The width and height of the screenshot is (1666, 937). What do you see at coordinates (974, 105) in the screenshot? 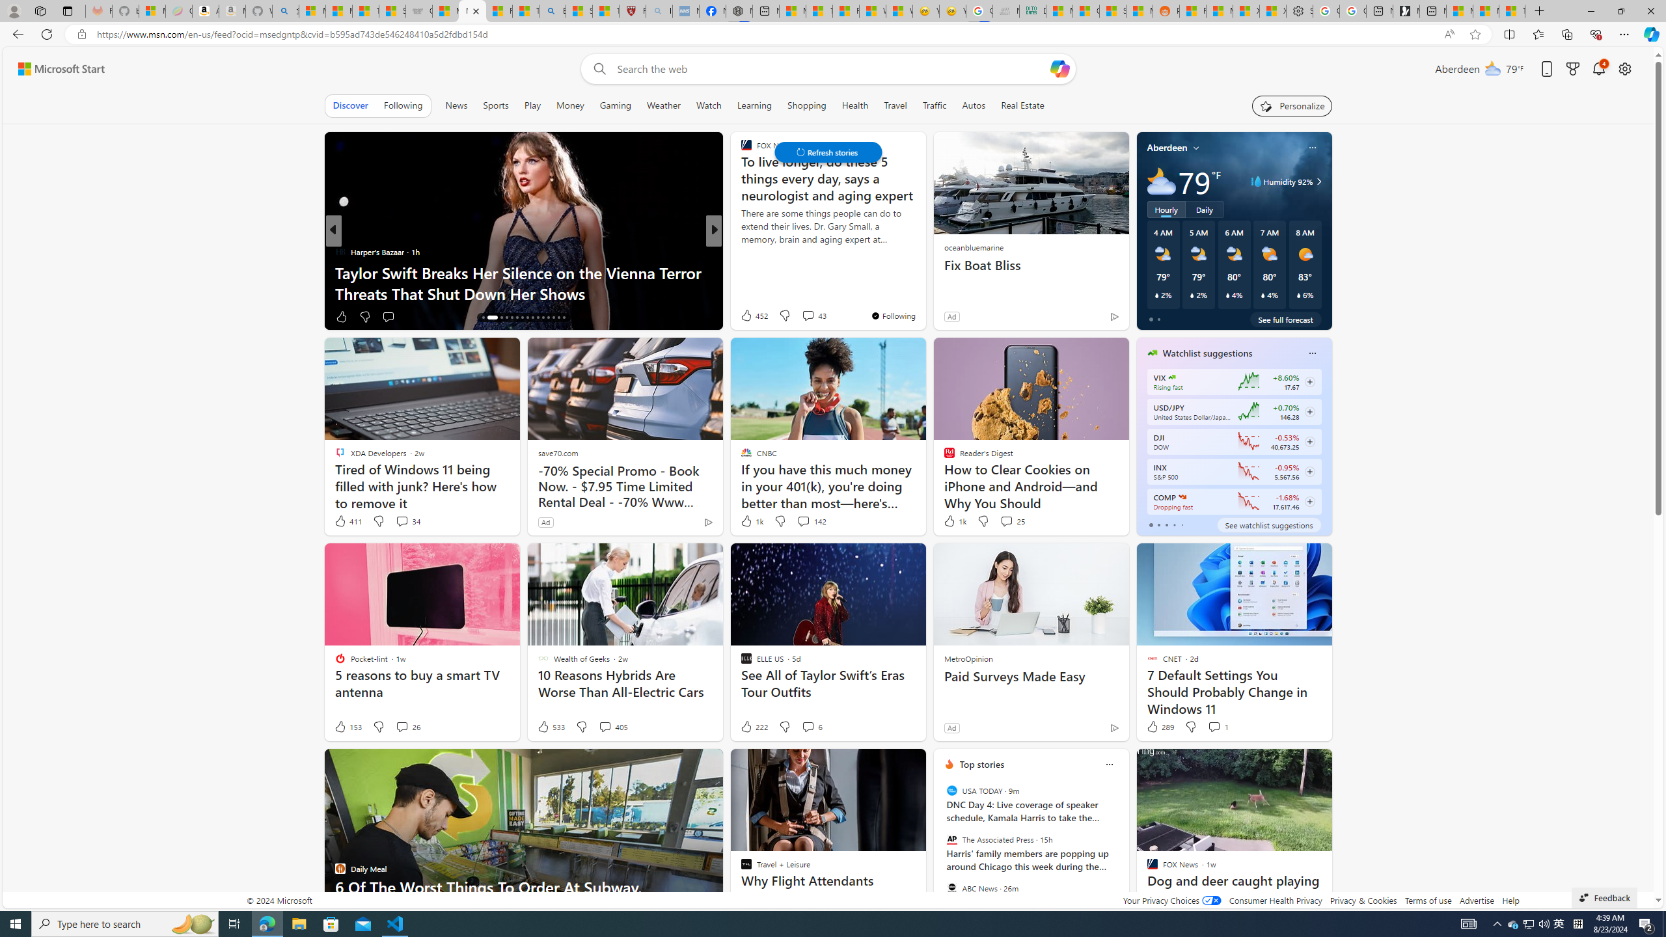
I see `'Autos'` at bounding box center [974, 105].